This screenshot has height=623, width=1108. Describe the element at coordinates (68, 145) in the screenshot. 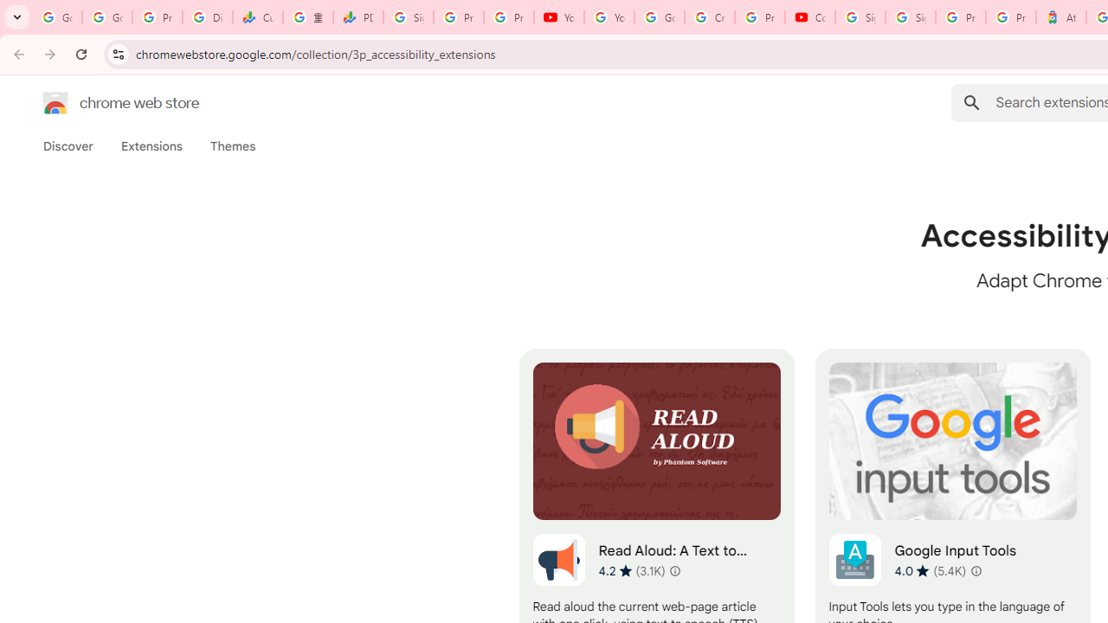

I see `'Discover'` at that location.